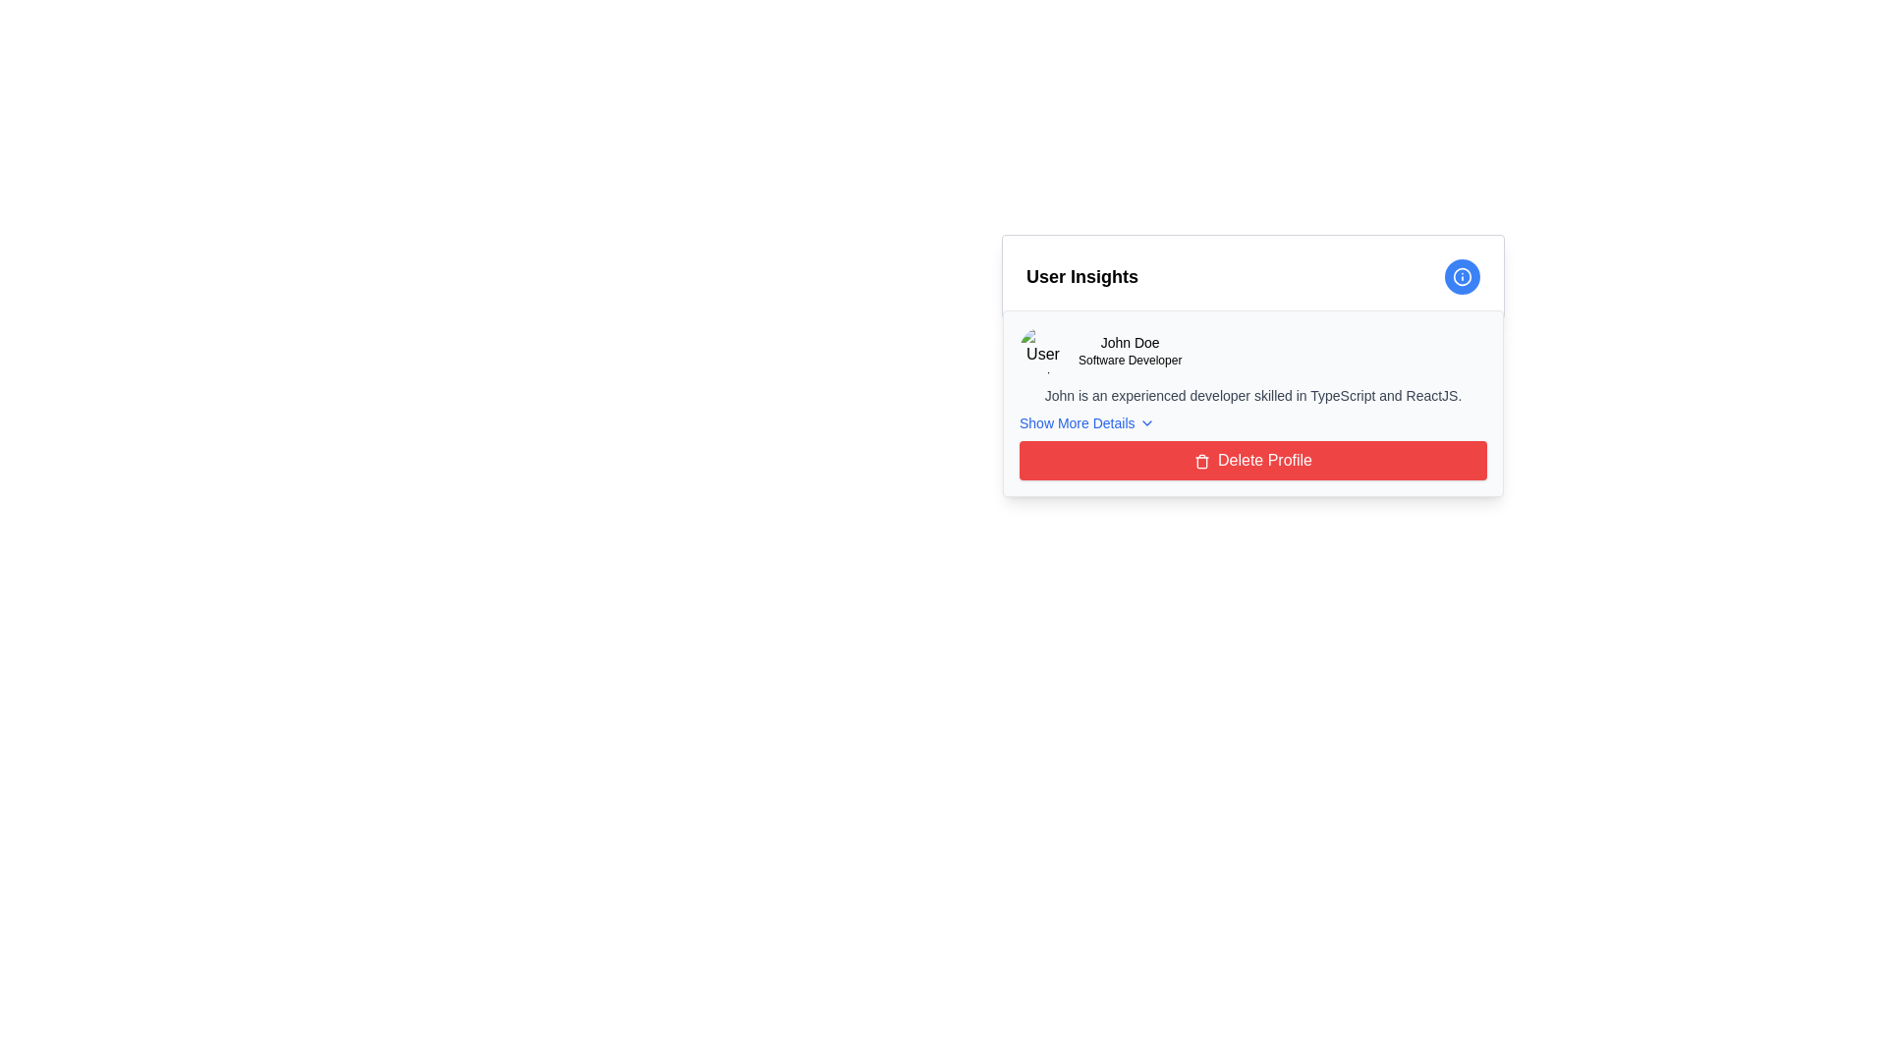  I want to click on the circular blue button with an 'information' icon located in the top-right corner of the 'User Insights' section, so click(1462, 276).